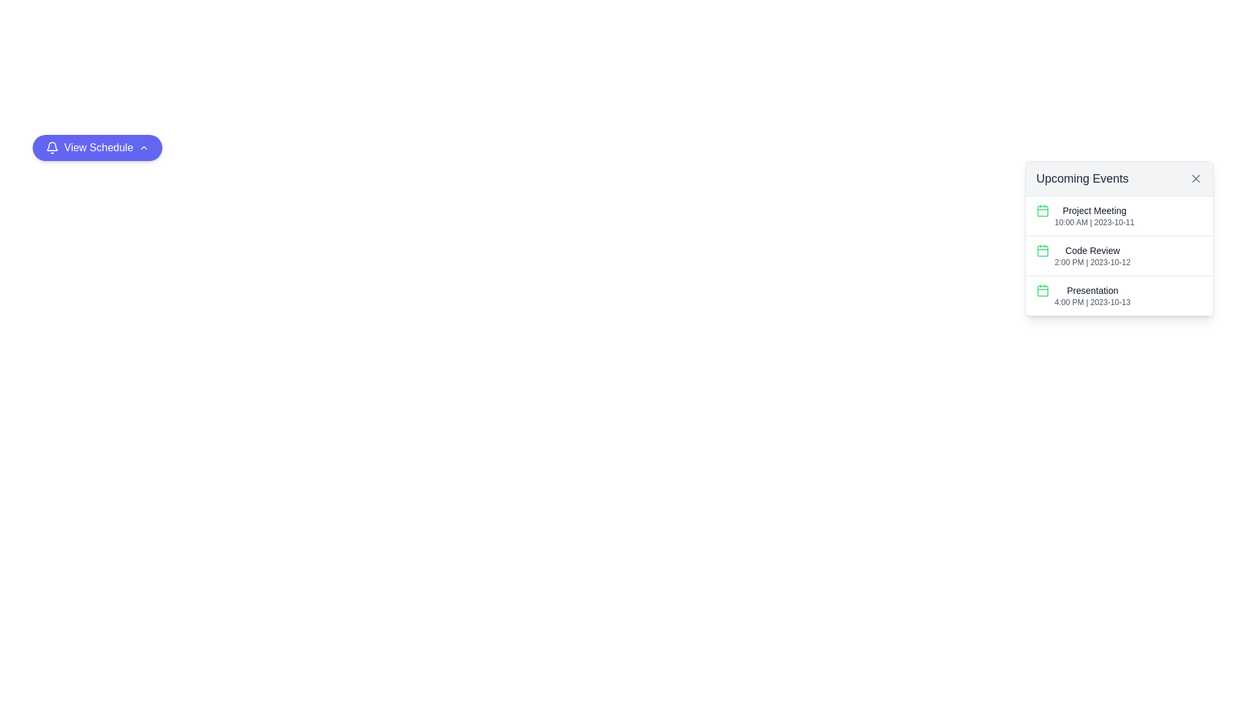 Image resolution: width=1257 pixels, height=707 pixels. I want to click on the 'Code Review' event item in the list within the 'Upcoming Events' panel, so click(1118, 238).